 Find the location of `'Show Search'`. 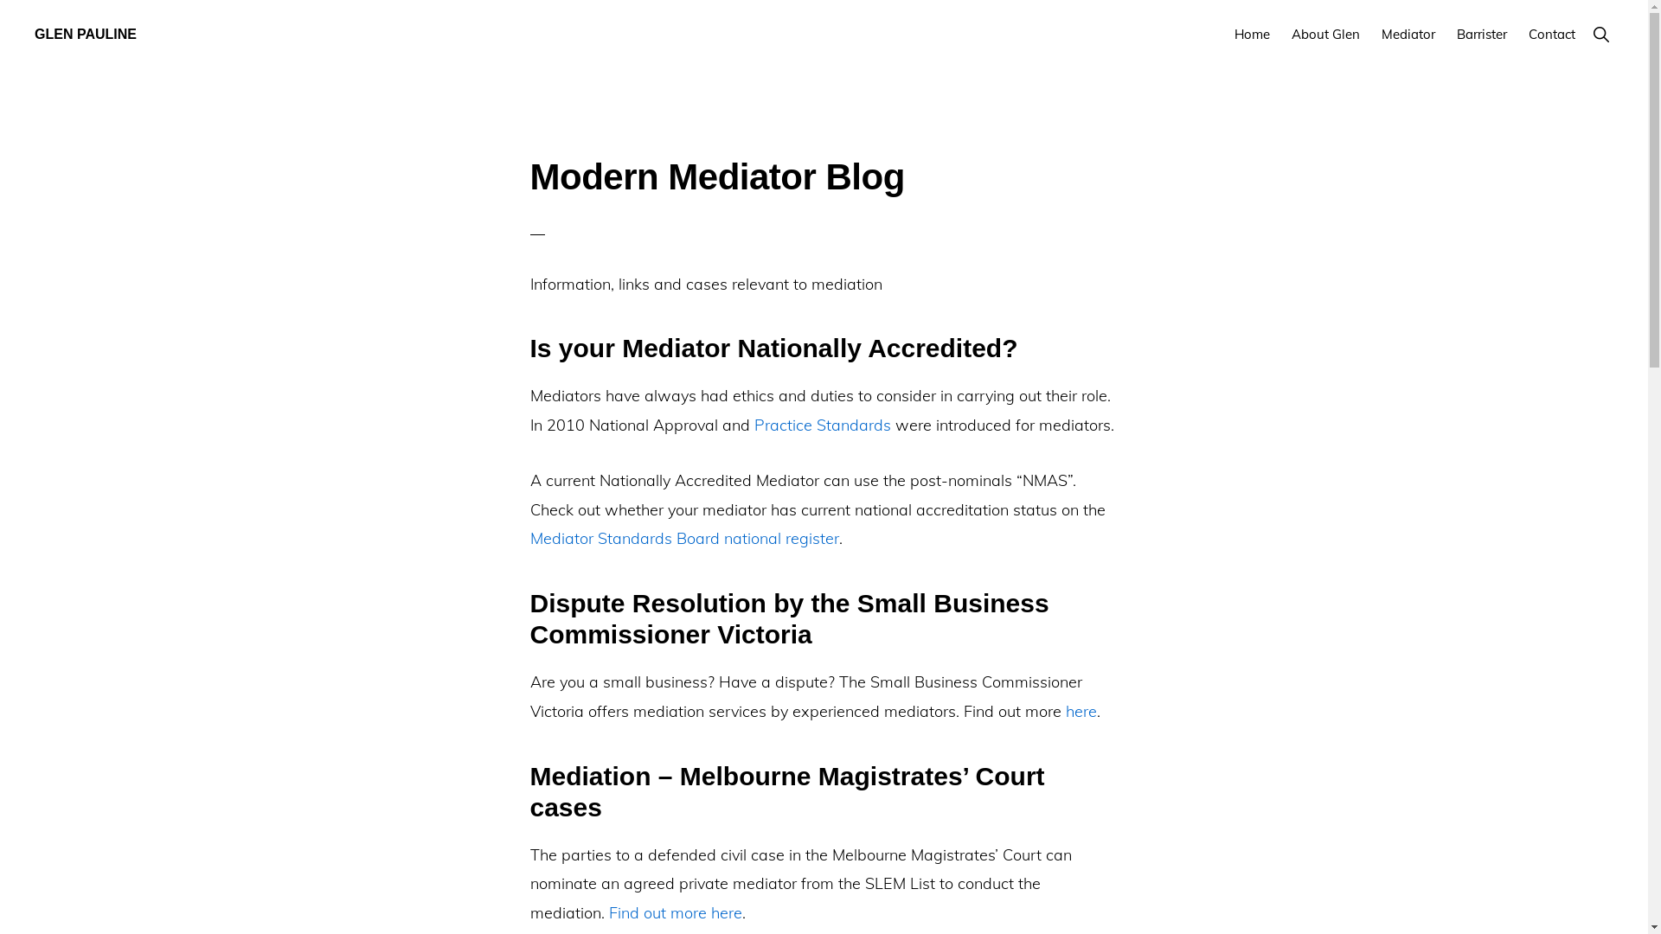

'Show Search' is located at coordinates (1600, 34).